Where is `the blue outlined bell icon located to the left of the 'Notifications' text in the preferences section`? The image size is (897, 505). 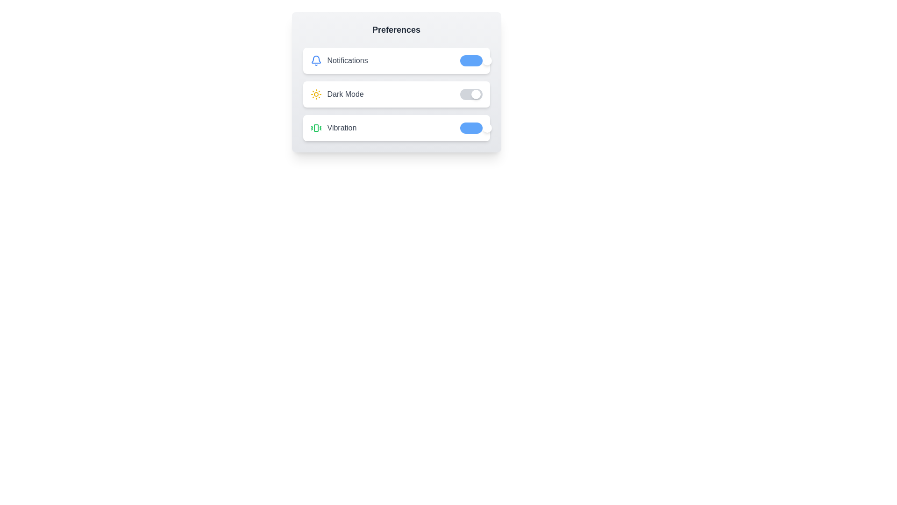
the blue outlined bell icon located to the left of the 'Notifications' text in the preferences section is located at coordinates (316, 61).